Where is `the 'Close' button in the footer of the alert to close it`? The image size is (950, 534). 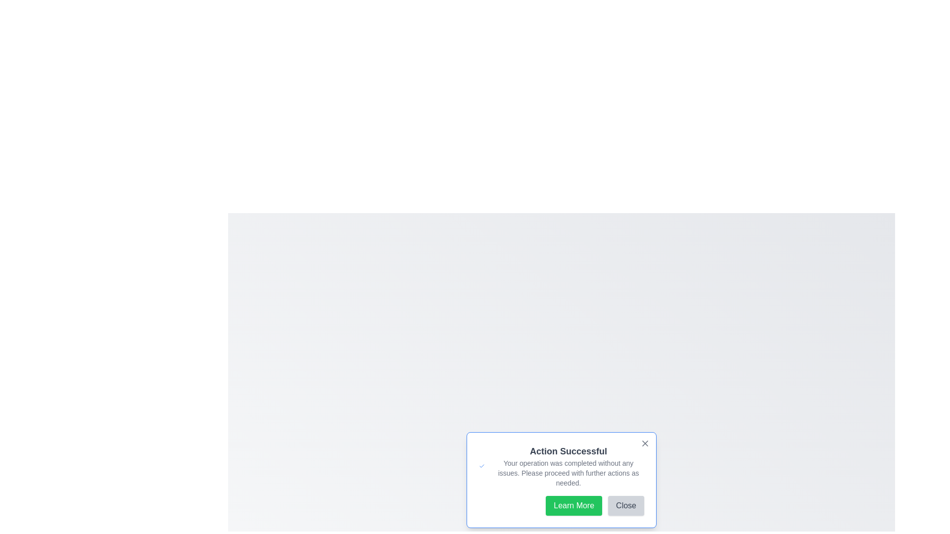 the 'Close' button in the footer of the alert to close it is located at coordinates (625, 505).